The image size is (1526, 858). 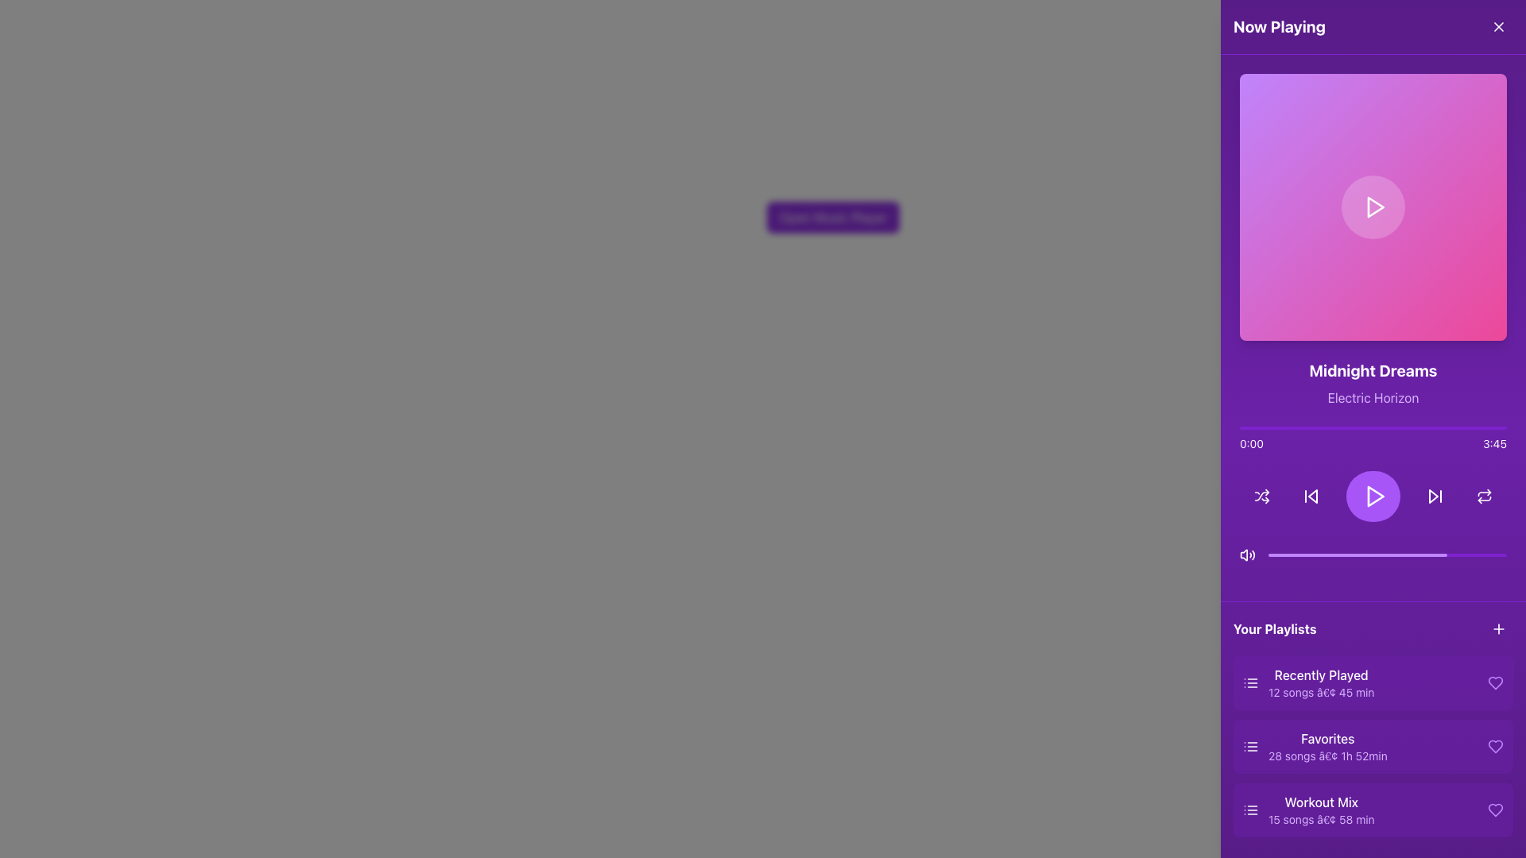 What do you see at coordinates (1373, 682) in the screenshot?
I see `the 'Recently Played' playlist card located in the 'Your Playlists' section under 'Now Playing'` at bounding box center [1373, 682].